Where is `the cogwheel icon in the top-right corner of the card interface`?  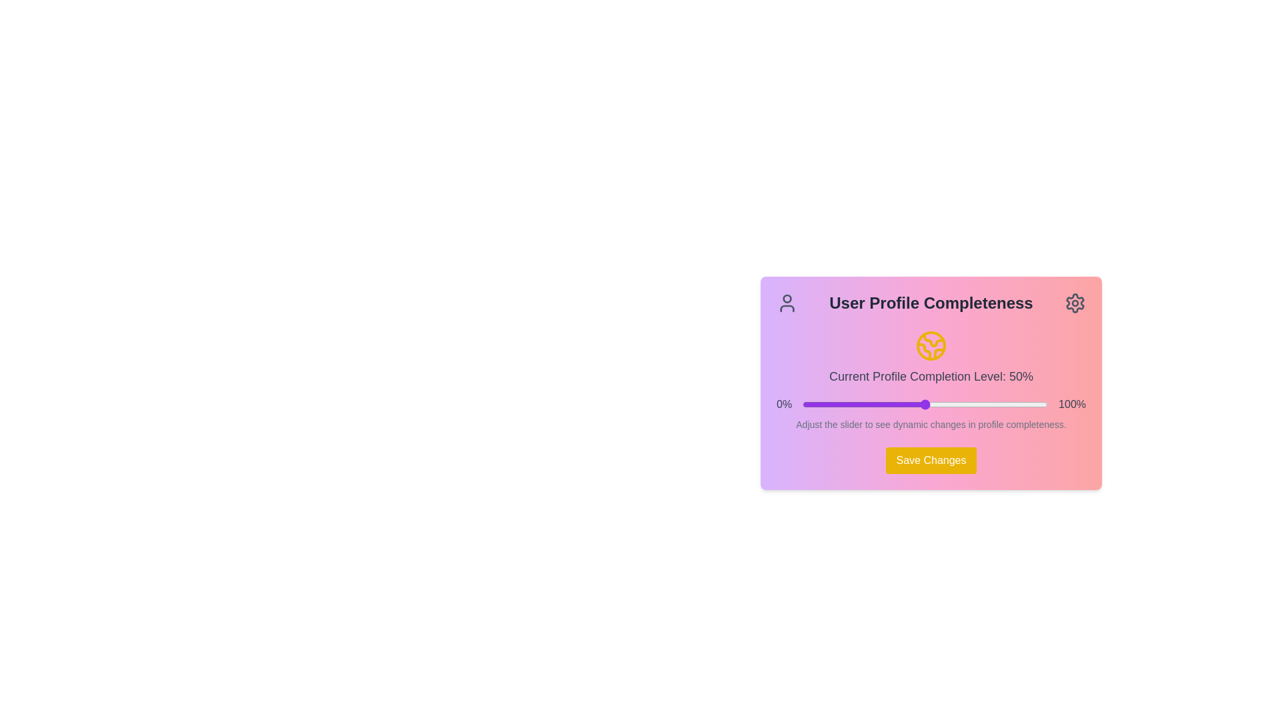
the cogwheel icon in the top-right corner of the card interface is located at coordinates (1075, 303).